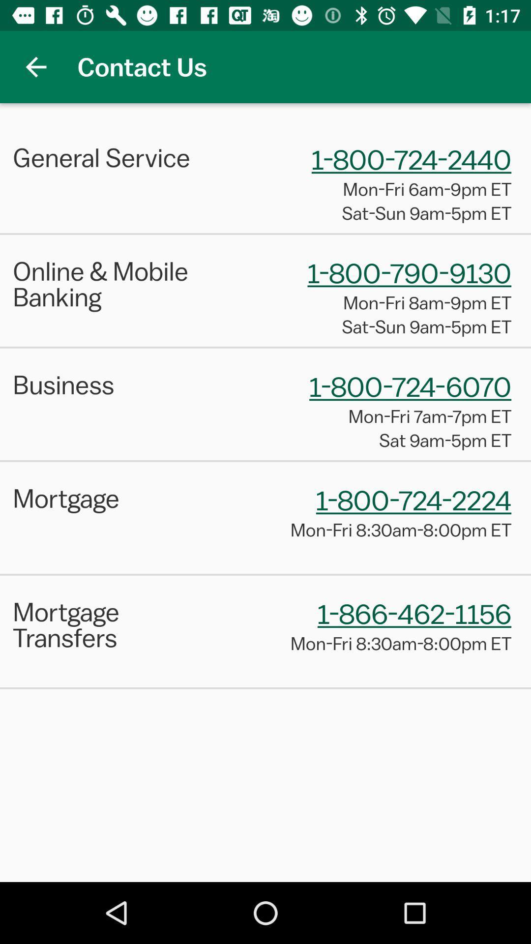 Image resolution: width=531 pixels, height=944 pixels. What do you see at coordinates (35, 66) in the screenshot?
I see `the item above the general service icon` at bounding box center [35, 66].